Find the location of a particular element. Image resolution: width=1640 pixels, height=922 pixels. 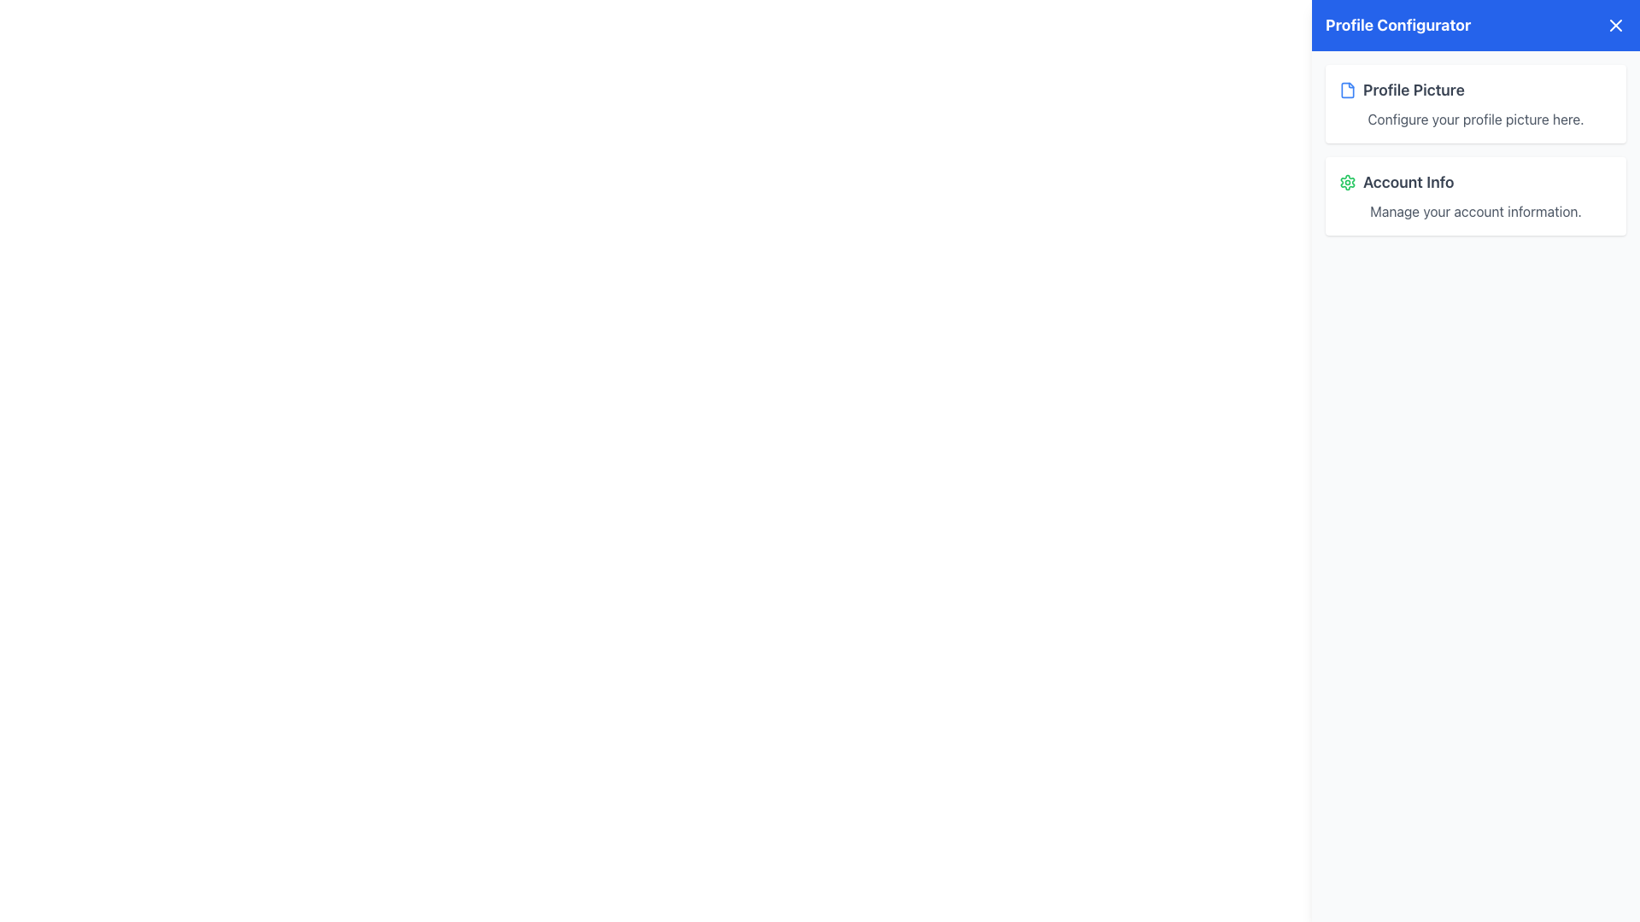

the small blue outlined icon resembling a file or document to enter the profile picture configuration section is located at coordinates (1347, 90).